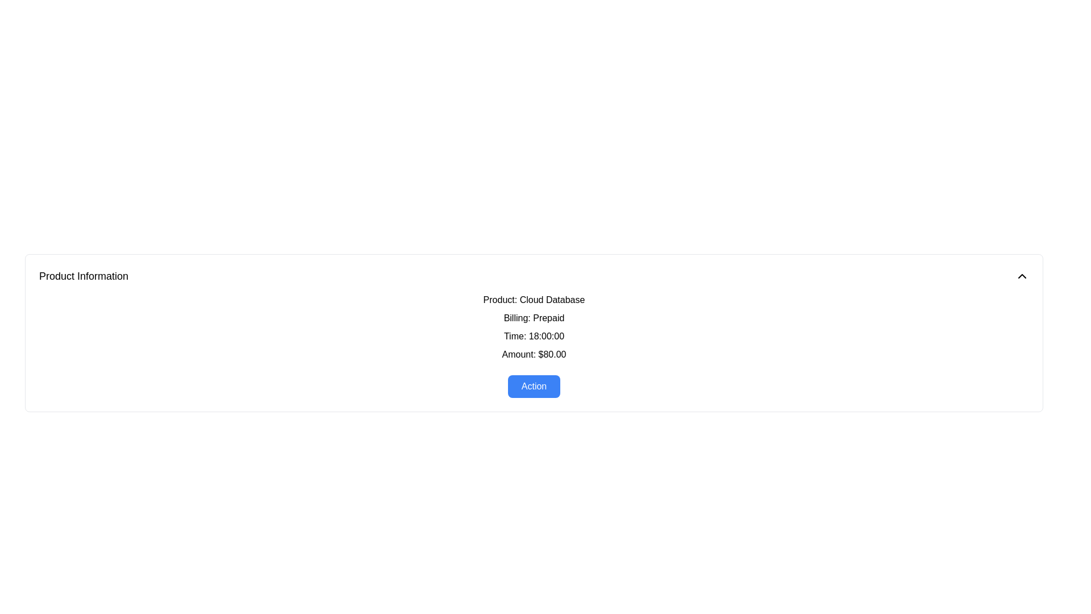 The width and height of the screenshot is (1091, 614). I want to click on the Text Label displaying 'Product: Cloud Database', which is the first row in a content card detailing product information, so click(534, 300).